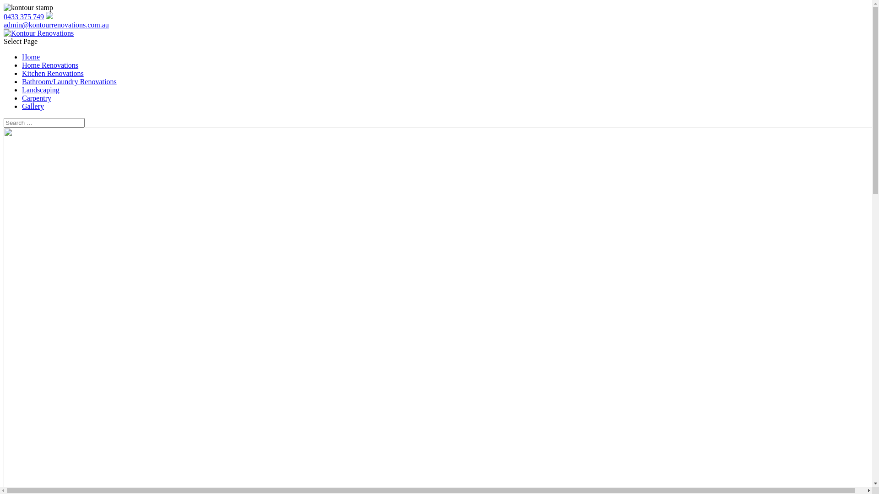 Image resolution: width=879 pixels, height=494 pixels. Describe the element at coordinates (40, 90) in the screenshot. I see `'Landscaping'` at that location.